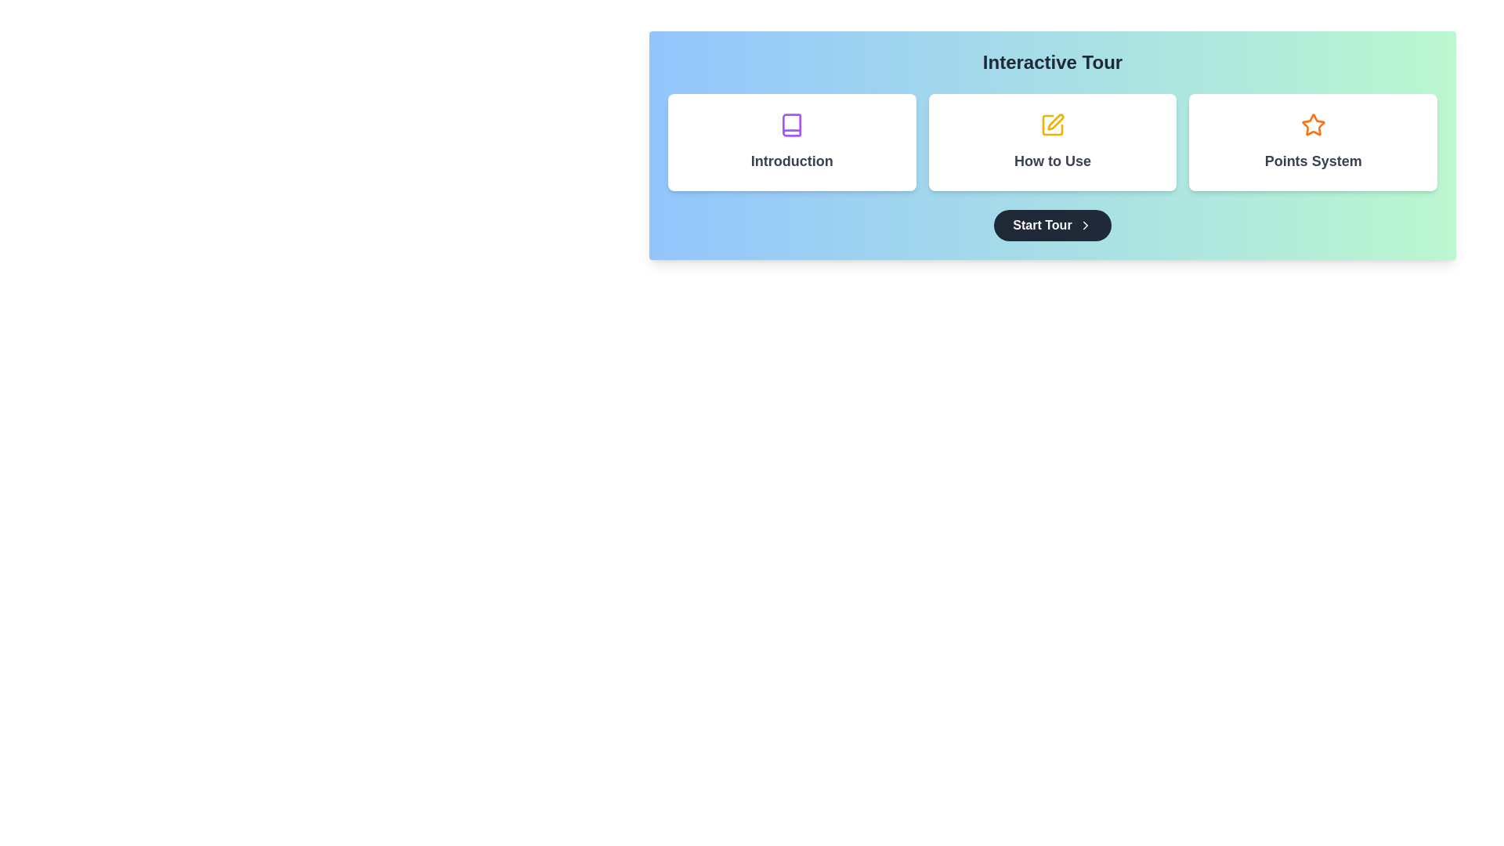 The width and height of the screenshot is (1504, 846). I want to click on the vibrant orange outlined star icon located in the 'Points System' box, positioned above the text 'Points System', so click(1313, 124).